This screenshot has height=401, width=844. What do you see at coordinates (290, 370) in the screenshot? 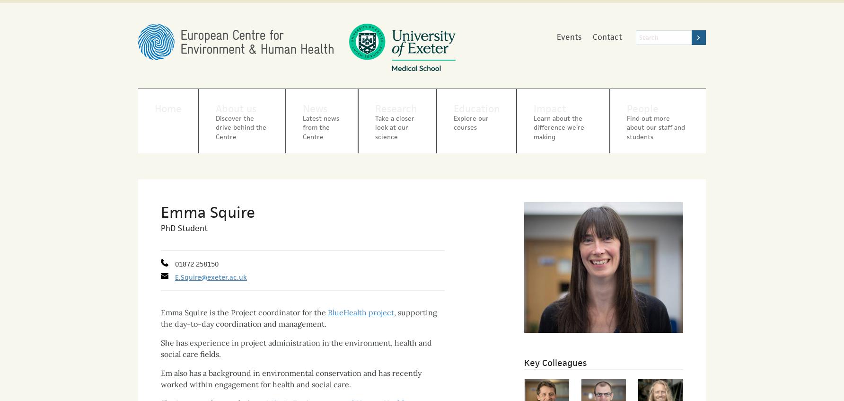
I see `'Em also has a background in environmental conservation and has recently worked within engagement for health and social care.'` at bounding box center [290, 370].